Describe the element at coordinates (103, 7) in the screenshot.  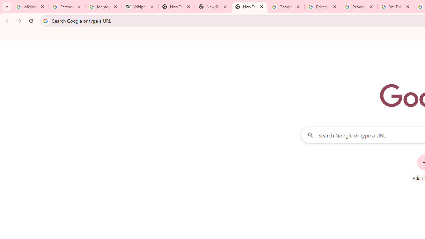
I see `'Manage your Location History - Google Search Help'` at that location.